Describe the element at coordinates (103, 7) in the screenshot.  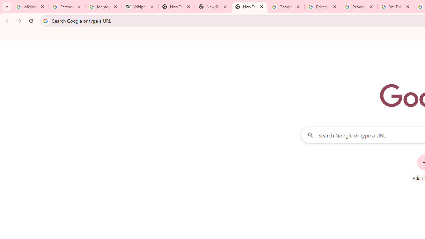
I see `'Manage your Location History - Google Search Help'` at that location.